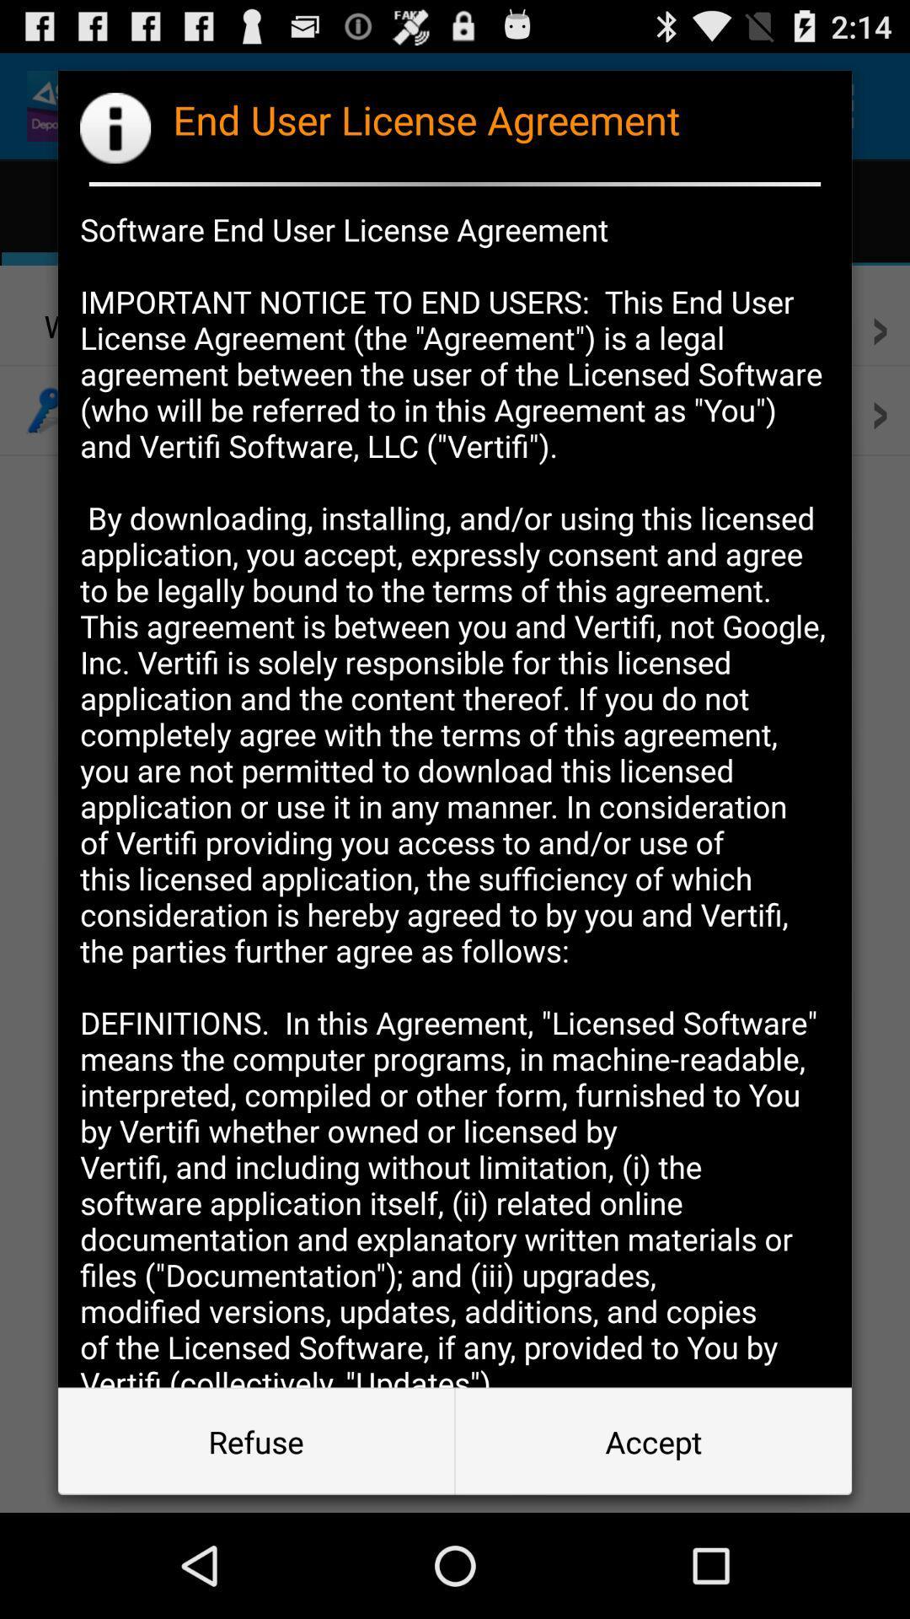 Image resolution: width=910 pixels, height=1619 pixels. Describe the element at coordinates (256, 1440) in the screenshot. I see `the item next to the accept icon` at that location.